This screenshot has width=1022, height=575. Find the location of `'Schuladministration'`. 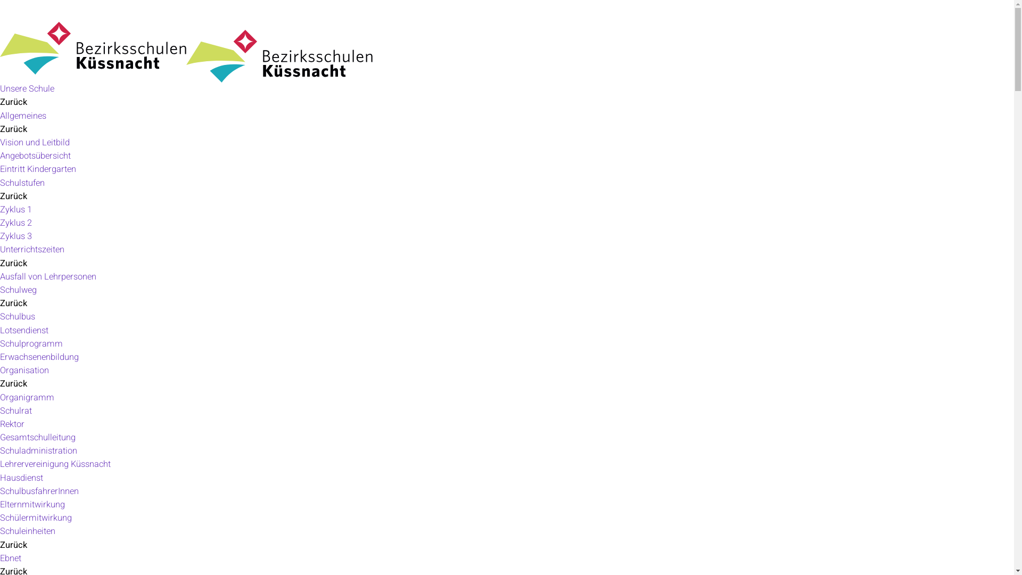

'Schuladministration' is located at coordinates (38, 451).